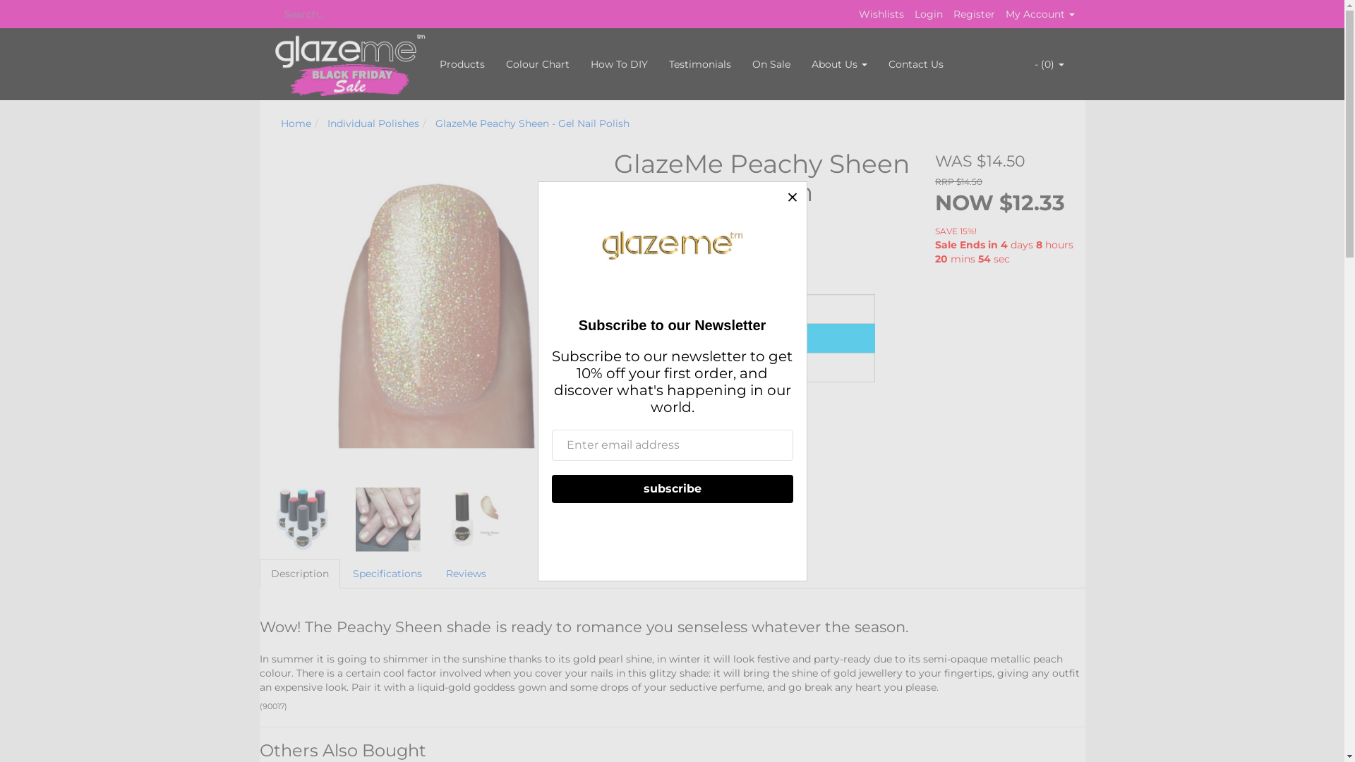 The height and width of the screenshot is (762, 1355). I want to click on 'Colour Chart', so click(537, 64).